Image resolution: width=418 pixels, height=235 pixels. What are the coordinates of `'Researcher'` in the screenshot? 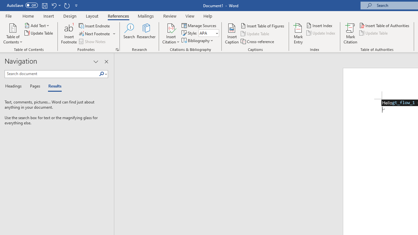 It's located at (146, 34).